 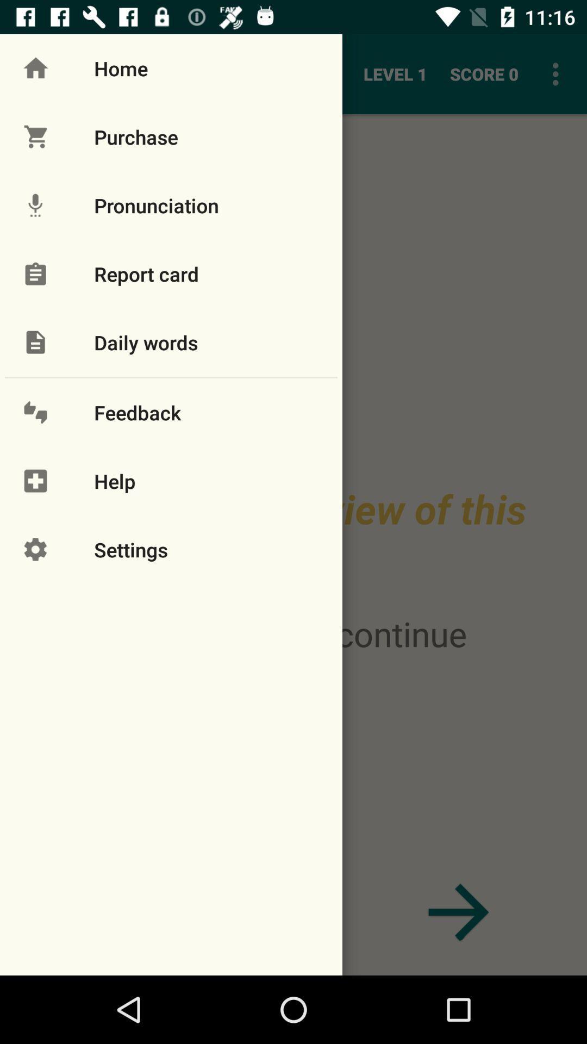 What do you see at coordinates (458, 912) in the screenshot?
I see `the arrow_forward icon` at bounding box center [458, 912].